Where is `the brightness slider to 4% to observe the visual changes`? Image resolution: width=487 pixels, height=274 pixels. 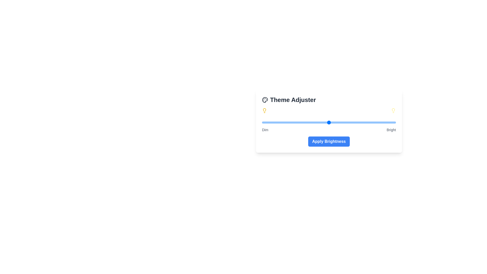
the brightness slider to 4% to observe the visual changes is located at coordinates (267, 122).